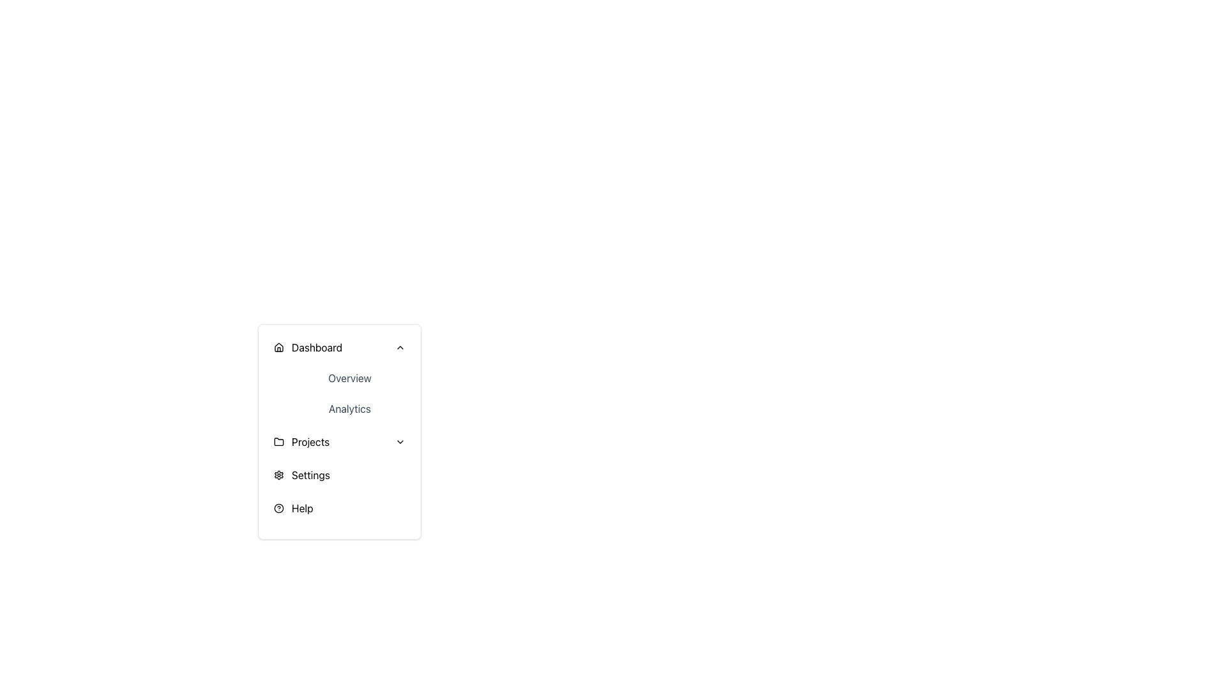 The image size is (1226, 689). I want to click on the 'Settings' text label in the navigation menu, so click(310, 475).